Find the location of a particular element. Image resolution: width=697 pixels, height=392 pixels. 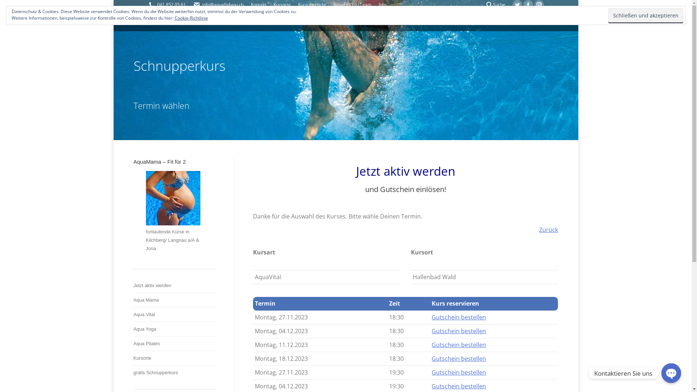

'Jobs' is located at coordinates (382, 4).